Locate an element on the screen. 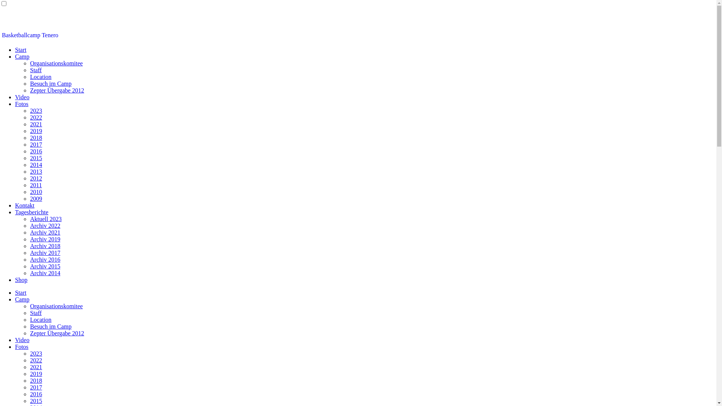 This screenshot has height=406, width=722. 'Besuch im Camp' is located at coordinates (50, 326).